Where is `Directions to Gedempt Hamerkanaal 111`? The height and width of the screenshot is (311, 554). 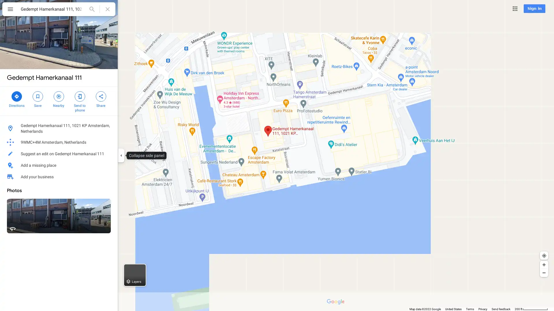 Directions to Gedempt Hamerkanaal 111 is located at coordinates (16, 98).